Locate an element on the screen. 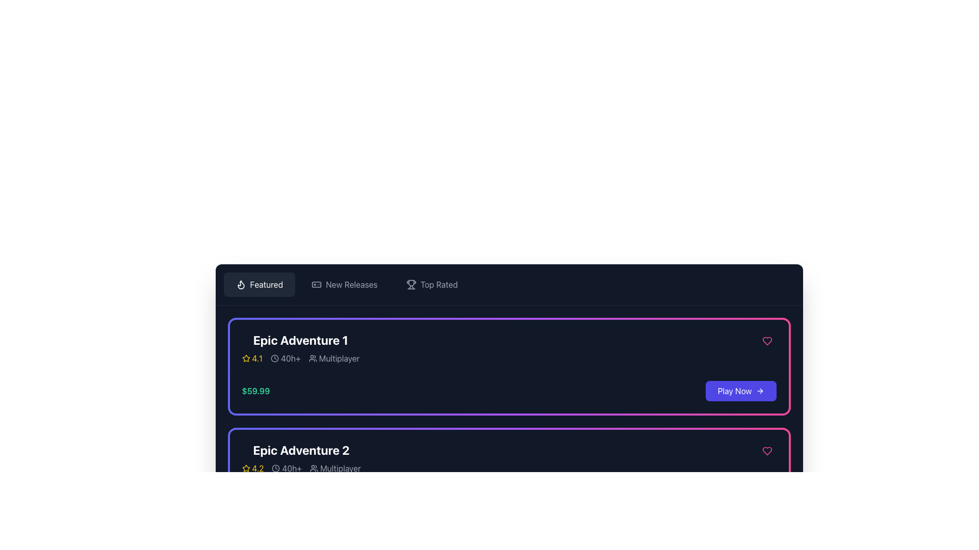 Image resolution: width=979 pixels, height=550 pixels. the star-shaped rating icon, which is yellow and located to the left of the textual rating value '4.1' is located at coordinates (246, 358).